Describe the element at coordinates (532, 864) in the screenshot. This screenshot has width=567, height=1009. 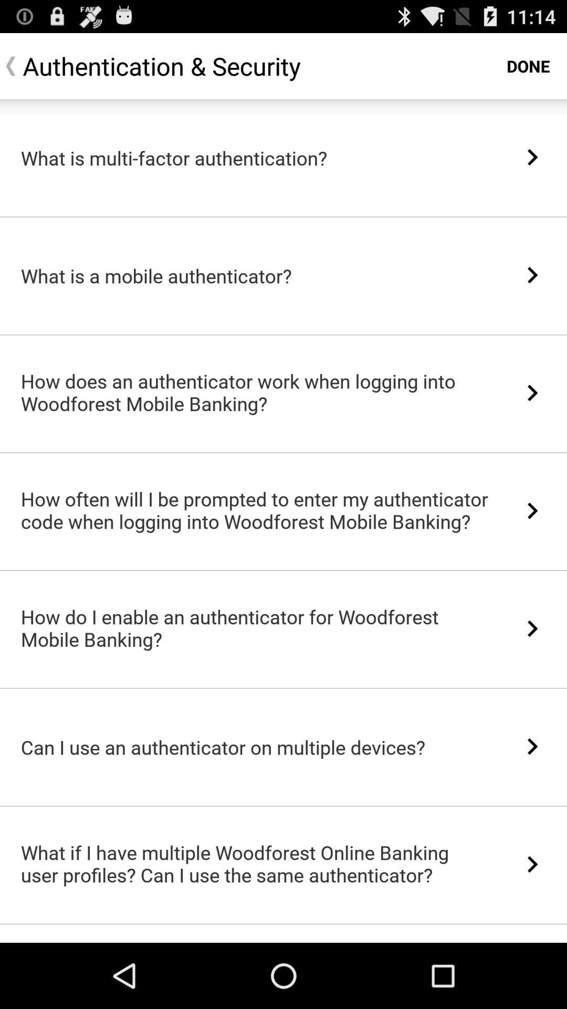
I see `the item to the right of the what if i icon` at that location.